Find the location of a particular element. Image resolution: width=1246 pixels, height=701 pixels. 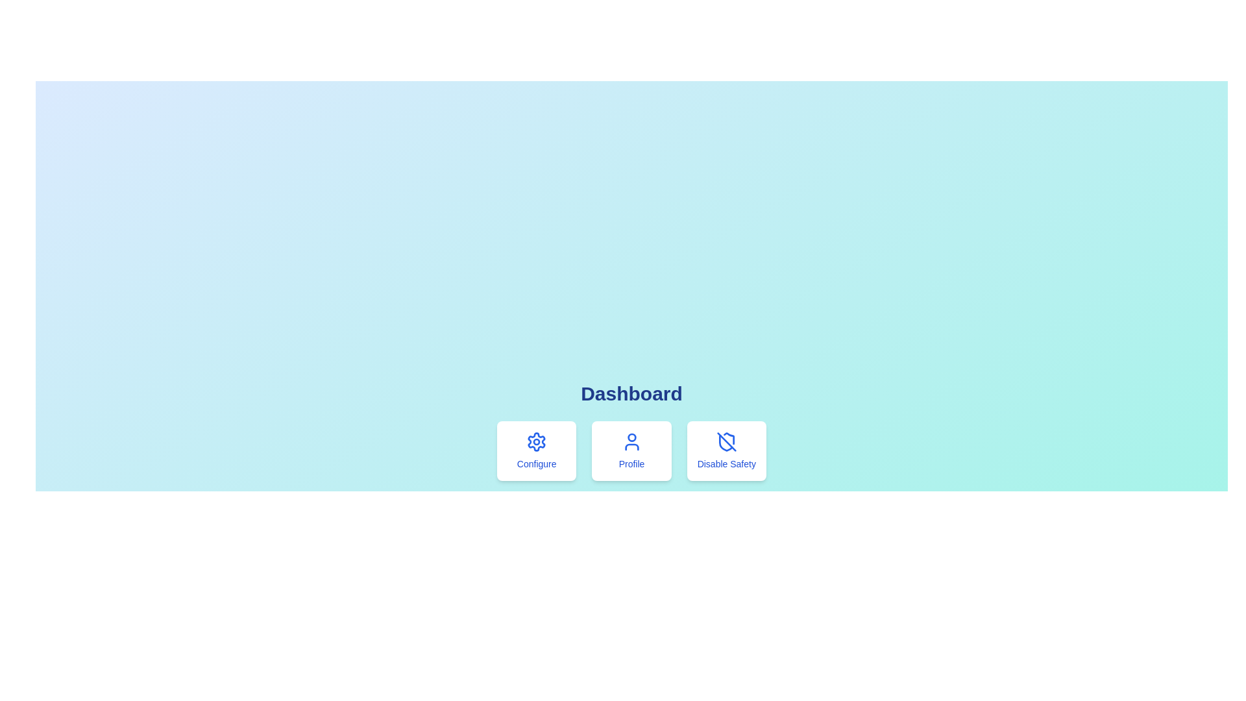

the third button in the horizontally aligned group of options is located at coordinates (726, 450).